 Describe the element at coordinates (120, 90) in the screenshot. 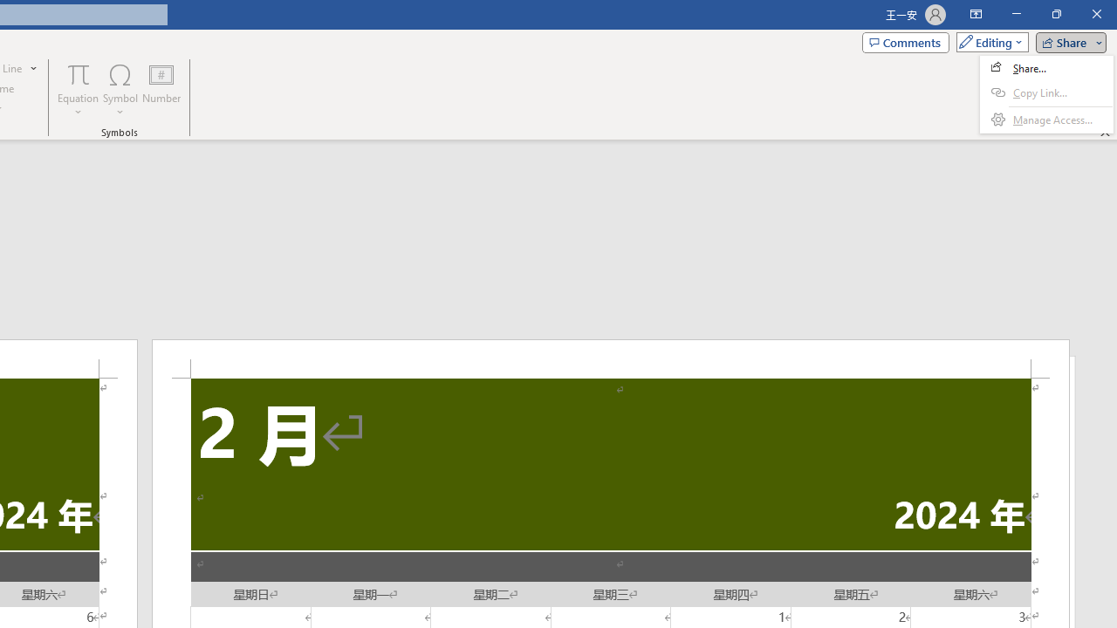

I see `'Symbol'` at that location.